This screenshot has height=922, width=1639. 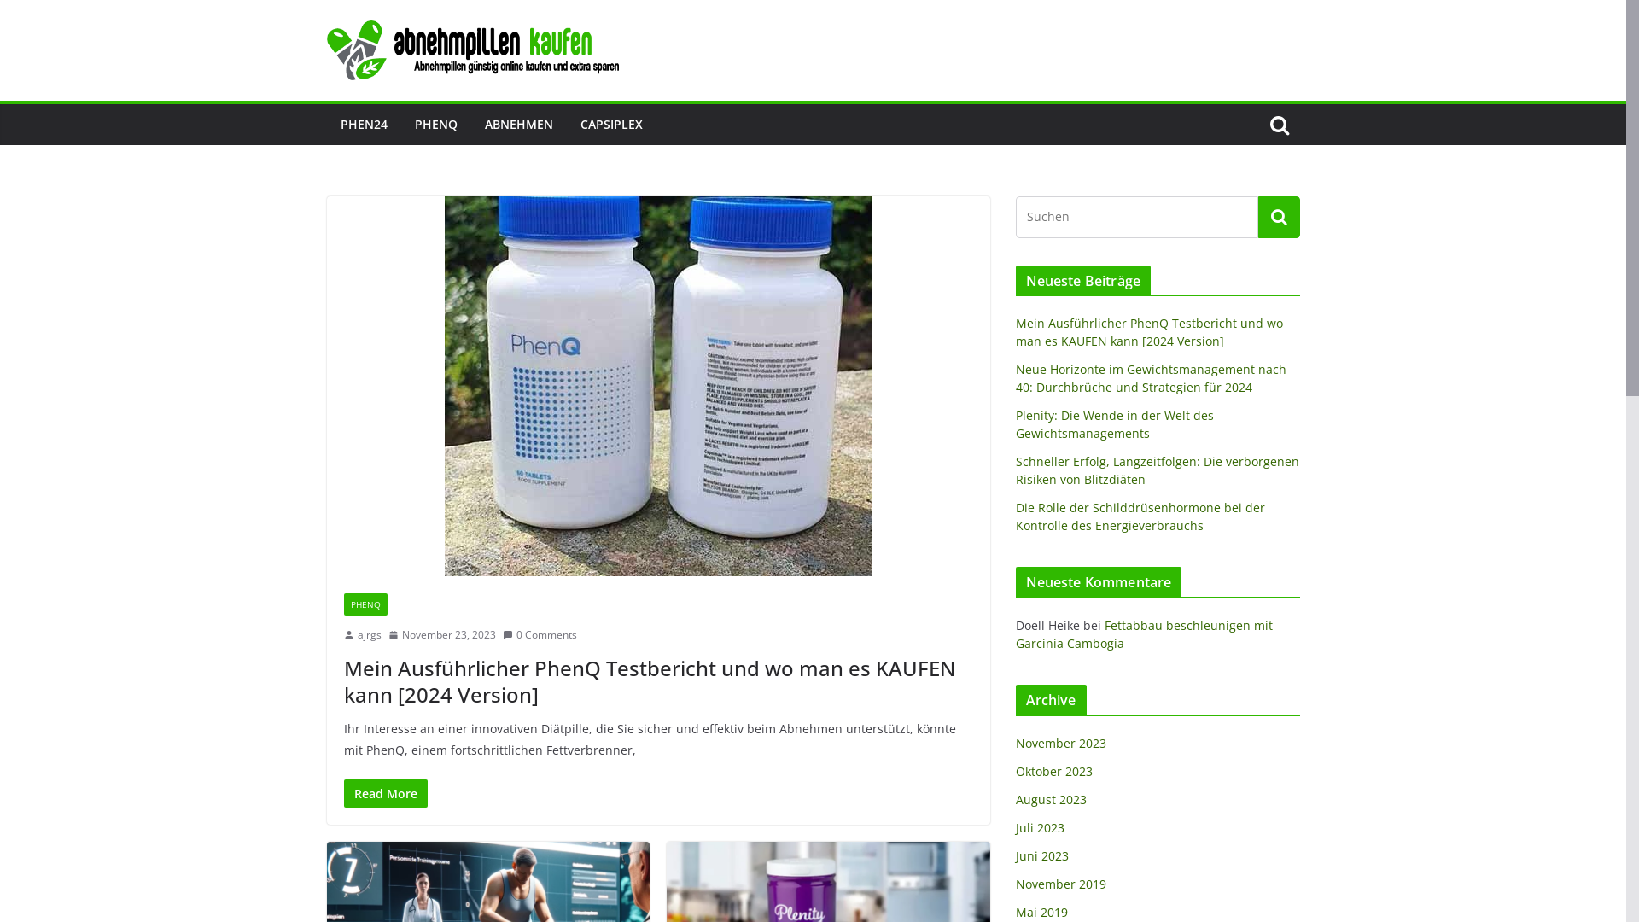 I want to click on 'Juni 2023', so click(x=1041, y=855).